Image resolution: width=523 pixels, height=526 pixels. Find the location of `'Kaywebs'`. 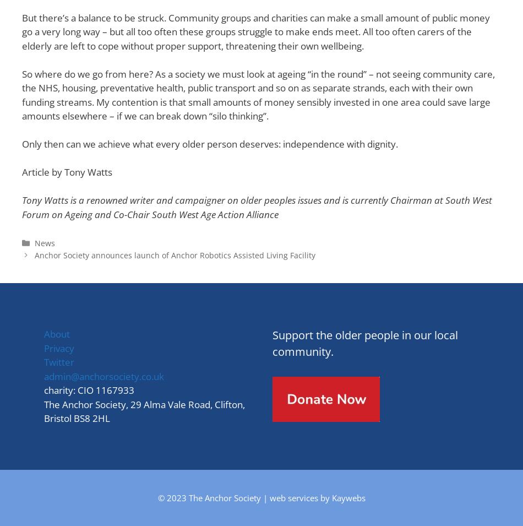

'Kaywebs' is located at coordinates (348, 497).